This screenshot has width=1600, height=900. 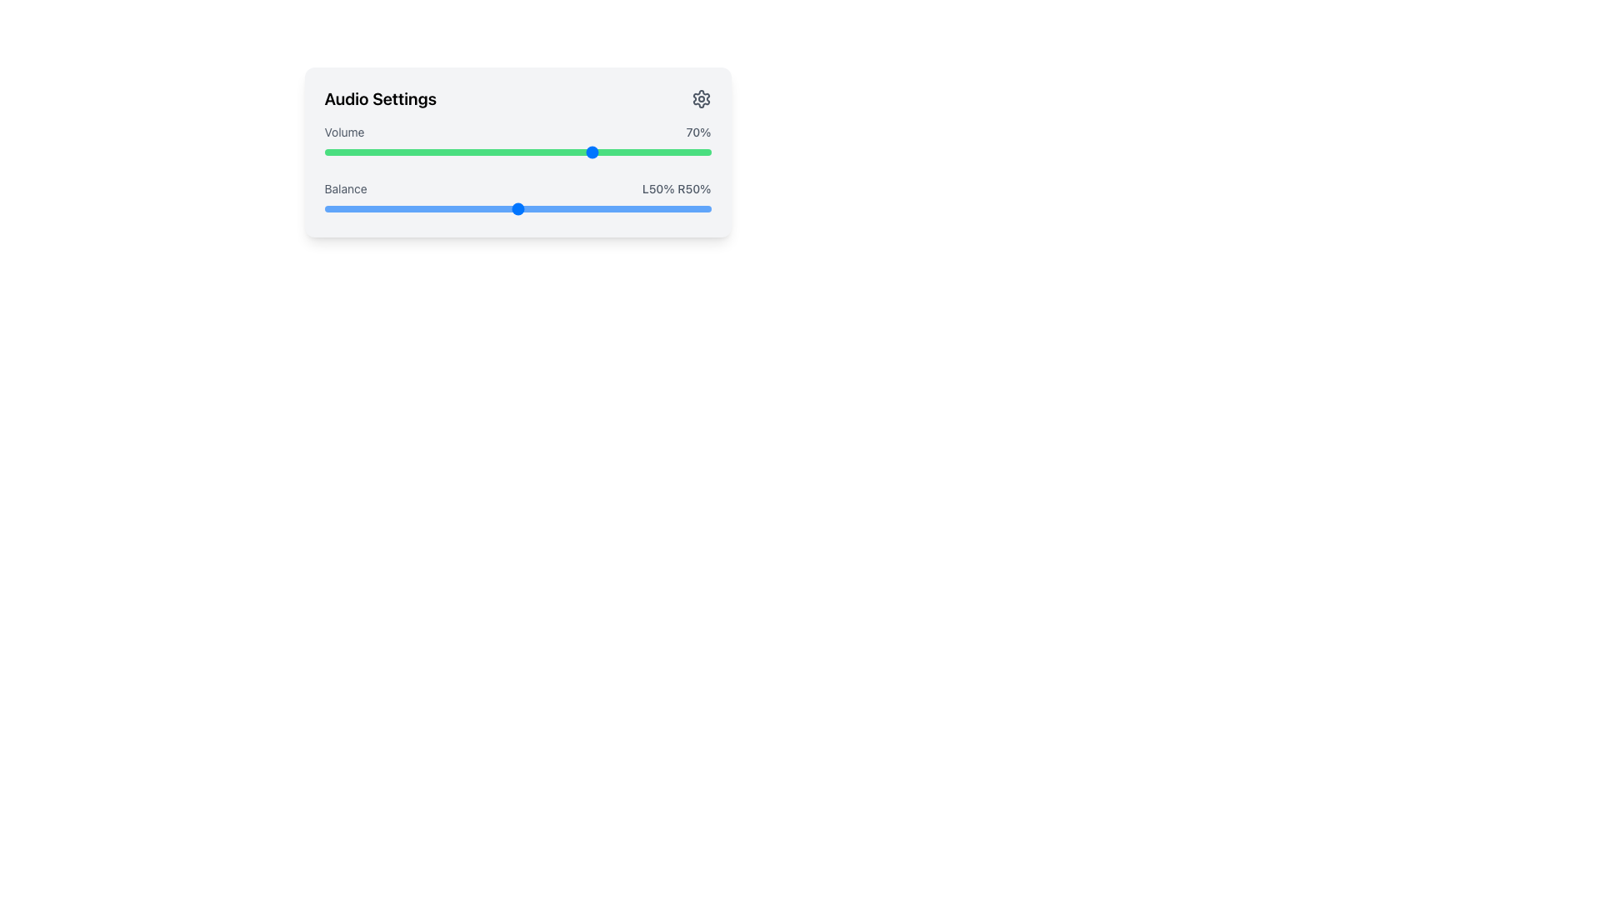 What do you see at coordinates (677, 188) in the screenshot?
I see `the static text label displaying 'L50% R50%' located on the right side of the row associated with the label 'Balance'` at bounding box center [677, 188].